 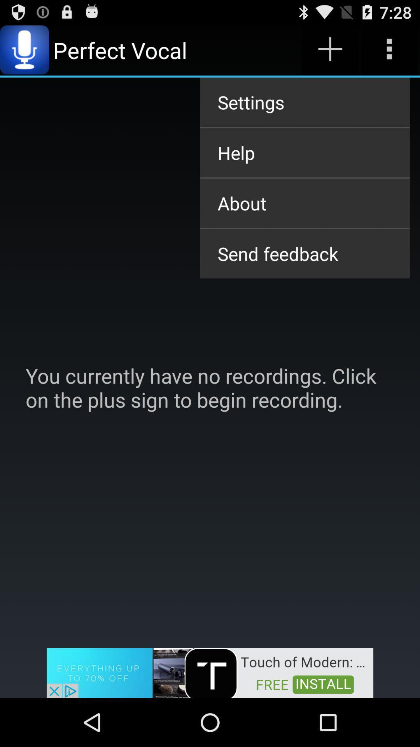 I want to click on advertisement, so click(x=210, y=672).